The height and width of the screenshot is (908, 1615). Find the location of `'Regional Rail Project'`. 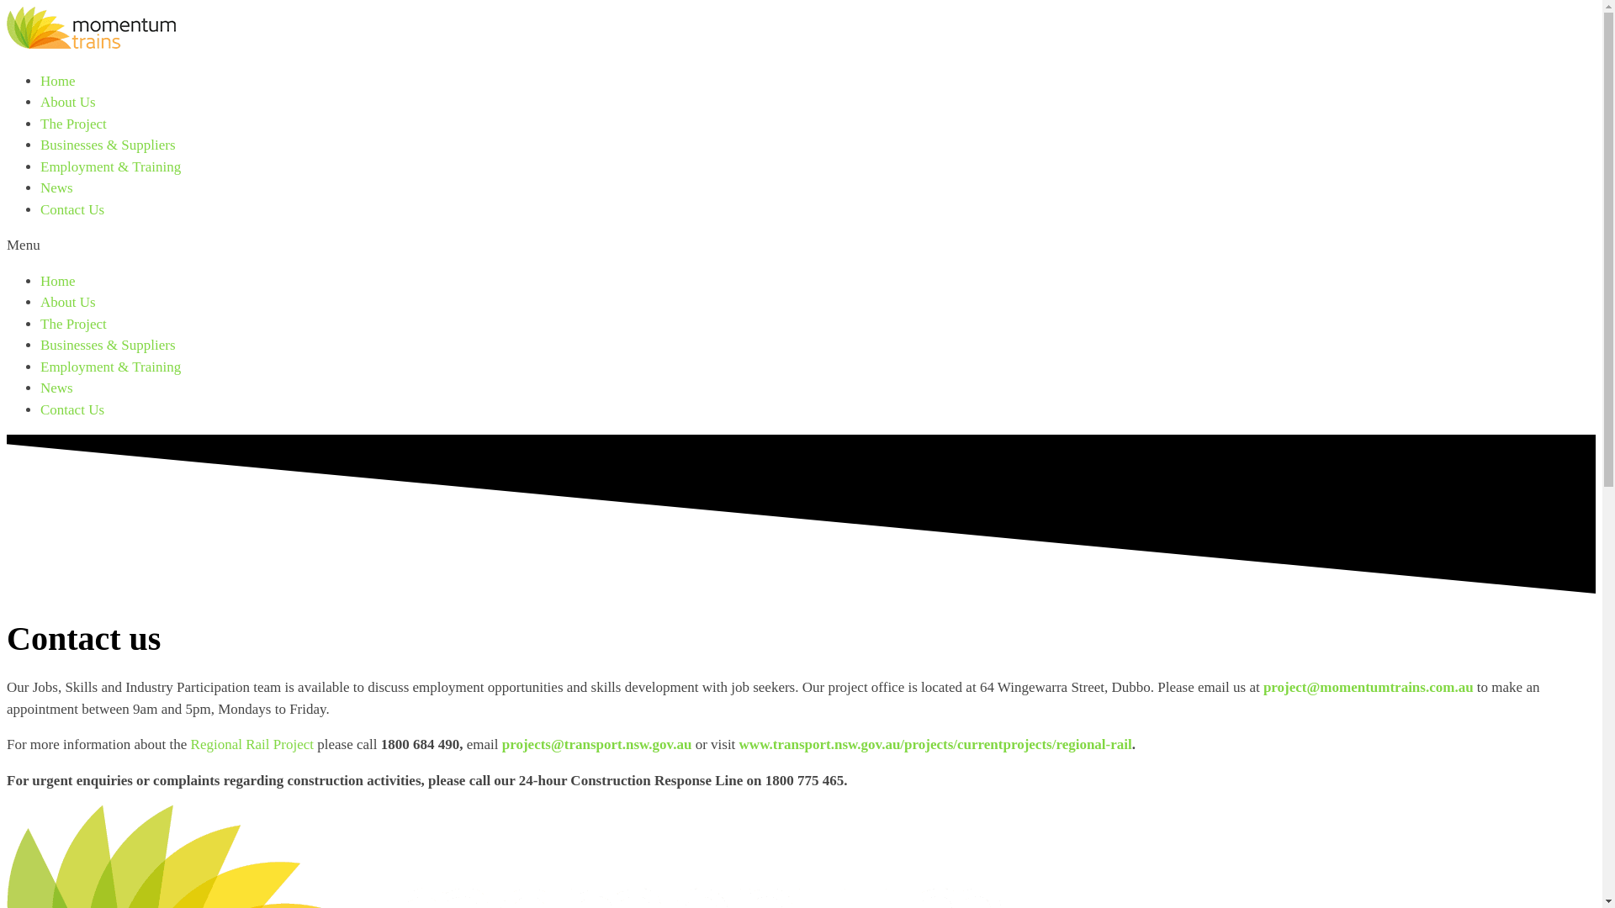

'Regional Rail Project' is located at coordinates (190, 743).